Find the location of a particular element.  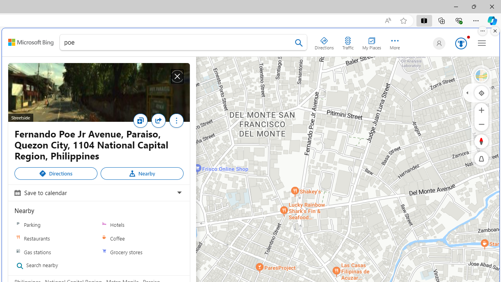

'Save' is located at coordinates (141, 121).